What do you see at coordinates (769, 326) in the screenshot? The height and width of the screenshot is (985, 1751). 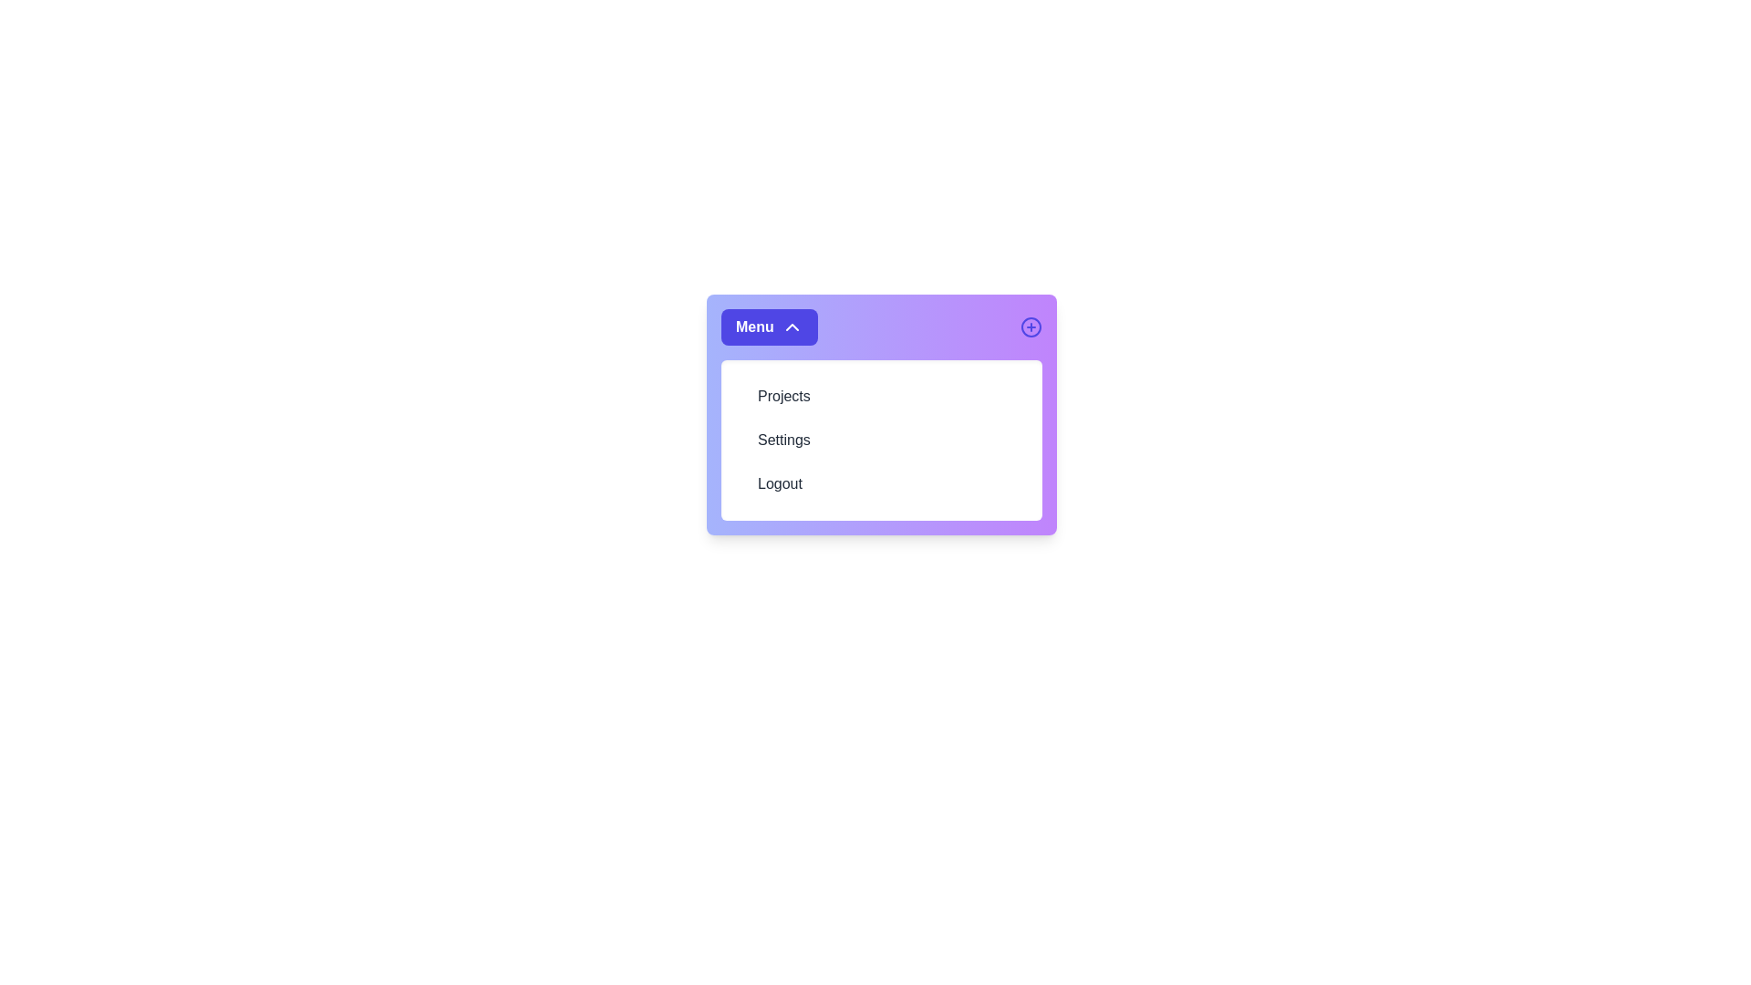 I see `'Menu' button to toggle the menu visibility` at bounding box center [769, 326].